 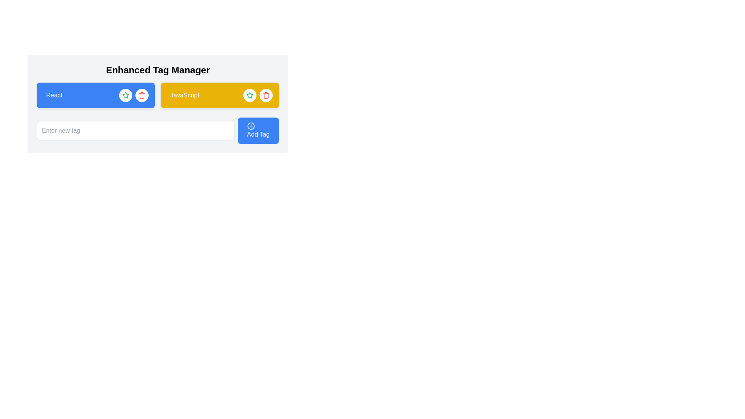 I want to click on the interactive star toggle button associated with the 'JavaScript' tag, so click(x=249, y=95).